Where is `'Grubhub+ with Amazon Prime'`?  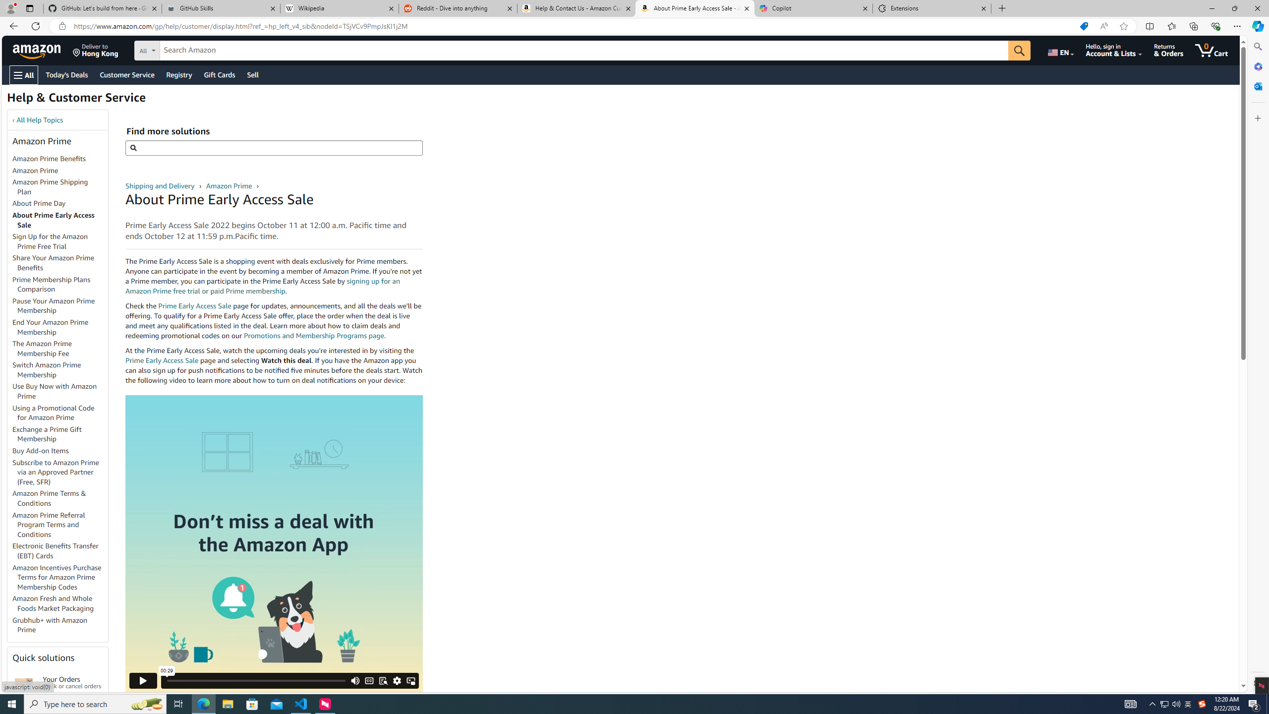
'Grubhub+ with Amazon Prime' is located at coordinates (50, 625).